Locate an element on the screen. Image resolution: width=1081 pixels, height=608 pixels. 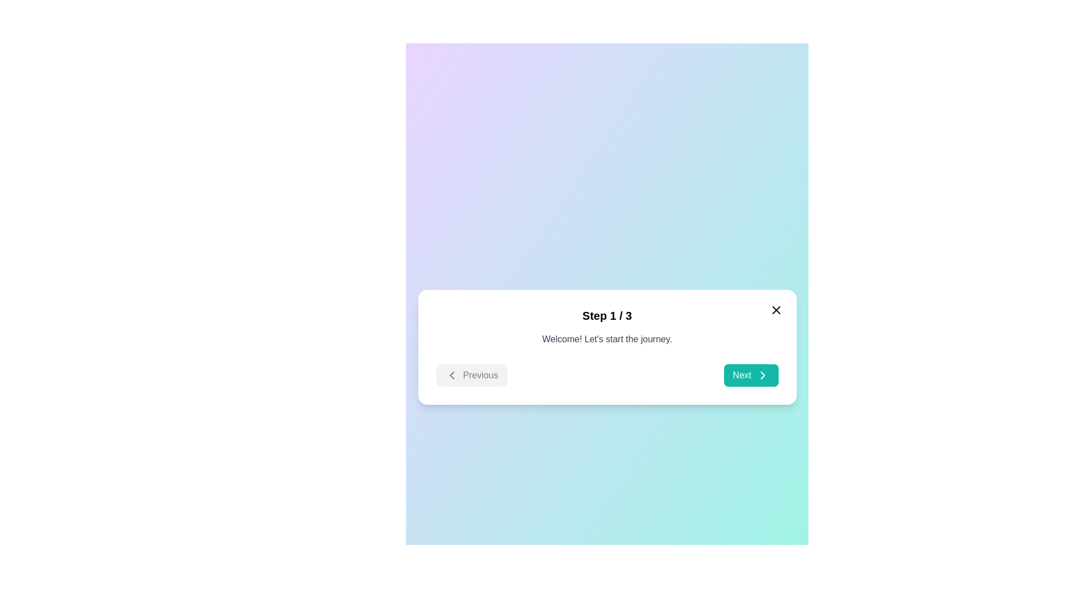
'X' button to close the dialog is located at coordinates (775, 310).